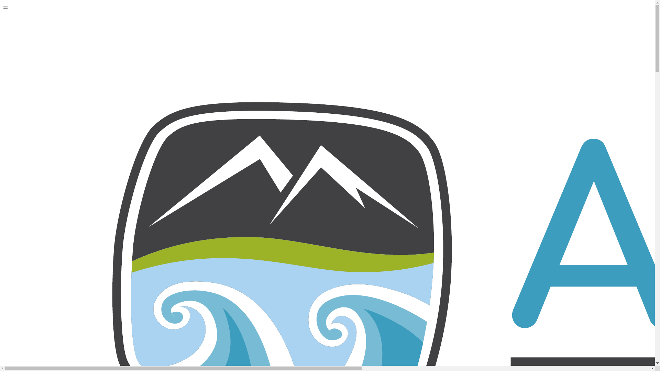  I want to click on 'Skip to main content', so click(3, 3).